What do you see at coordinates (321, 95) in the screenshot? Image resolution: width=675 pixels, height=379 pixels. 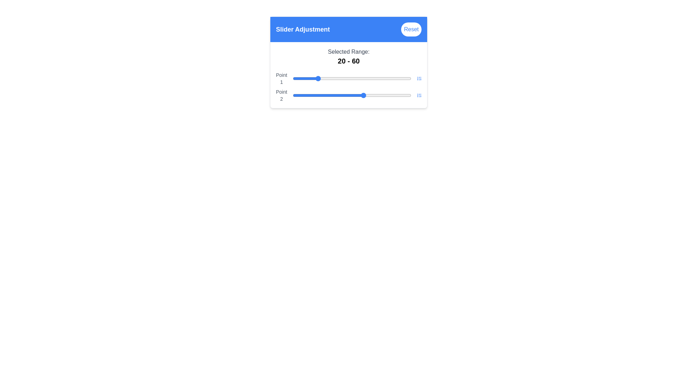 I see `the slider` at bounding box center [321, 95].